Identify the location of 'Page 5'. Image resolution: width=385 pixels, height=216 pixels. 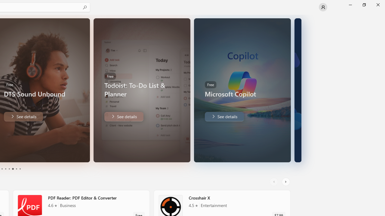
(16, 169).